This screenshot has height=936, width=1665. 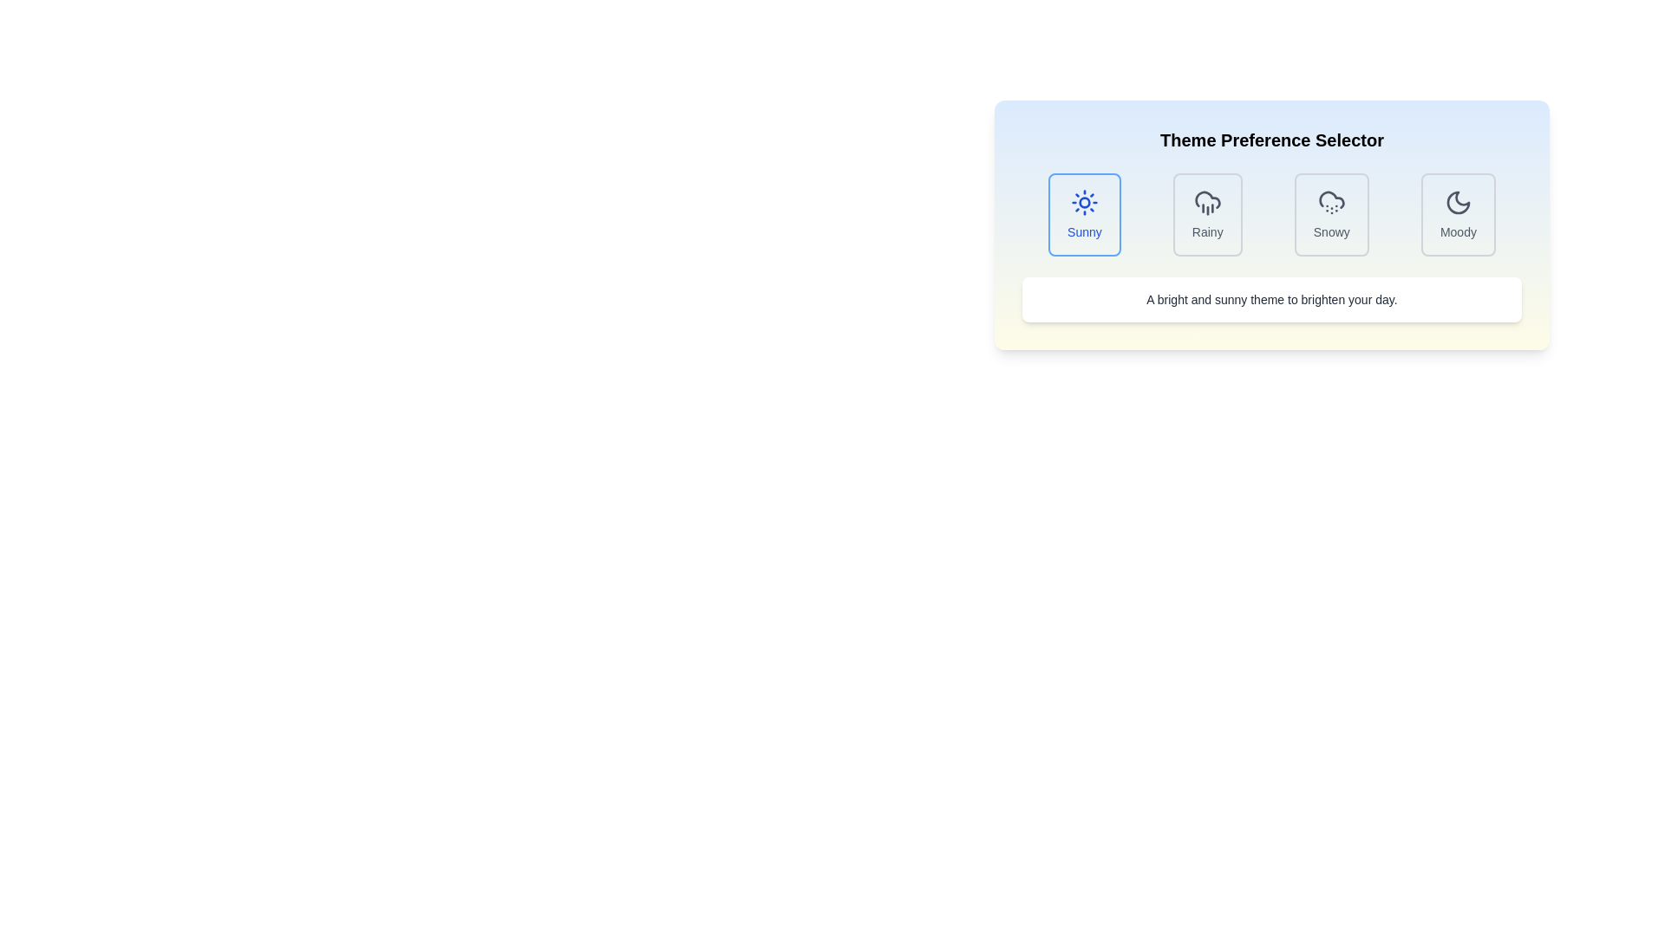 What do you see at coordinates (1083, 213) in the screenshot?
I see `the theme Sunny by clicking on the corresponding button` at bounding box center [1083, 213].